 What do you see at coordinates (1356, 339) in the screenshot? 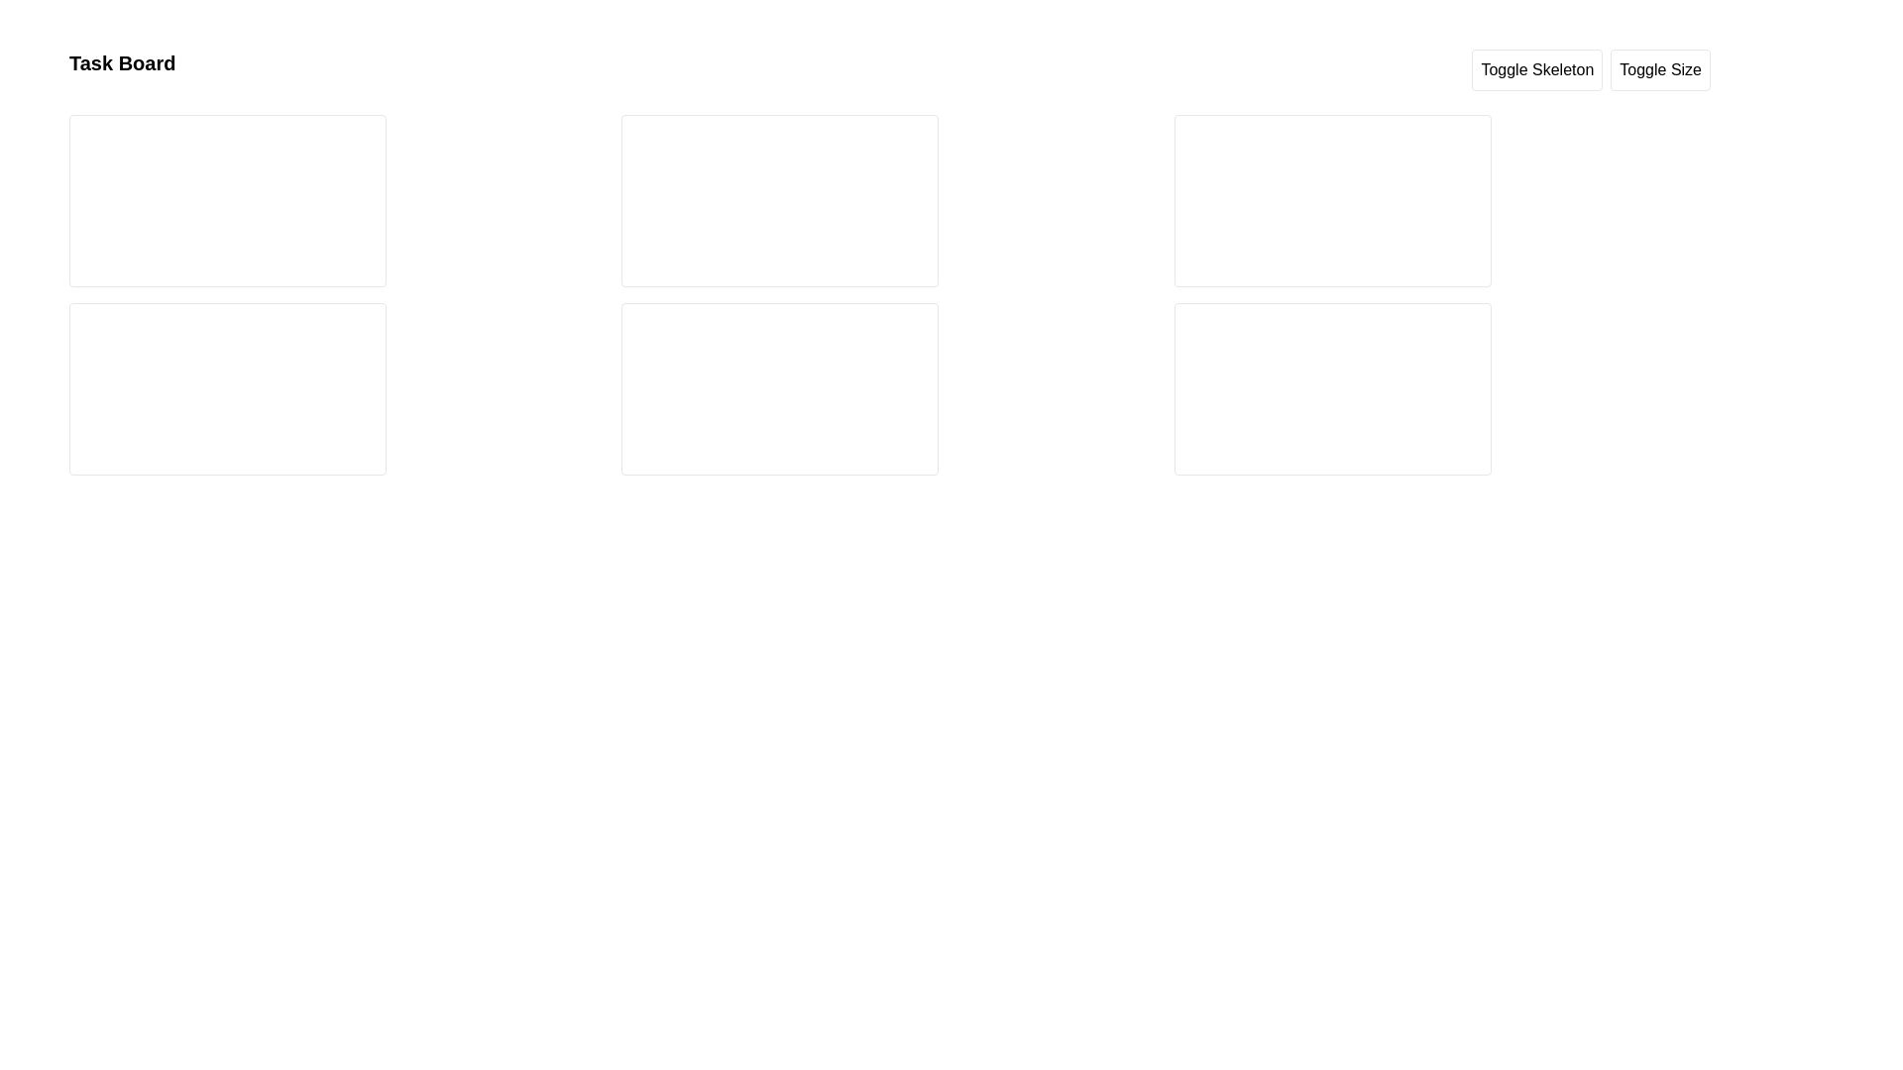
I see `the loading animation of the skeleton loader, which is the second box-shaped placeholder located in the bottom-right quadrant of the interface` at bounding box center [1356, 339].